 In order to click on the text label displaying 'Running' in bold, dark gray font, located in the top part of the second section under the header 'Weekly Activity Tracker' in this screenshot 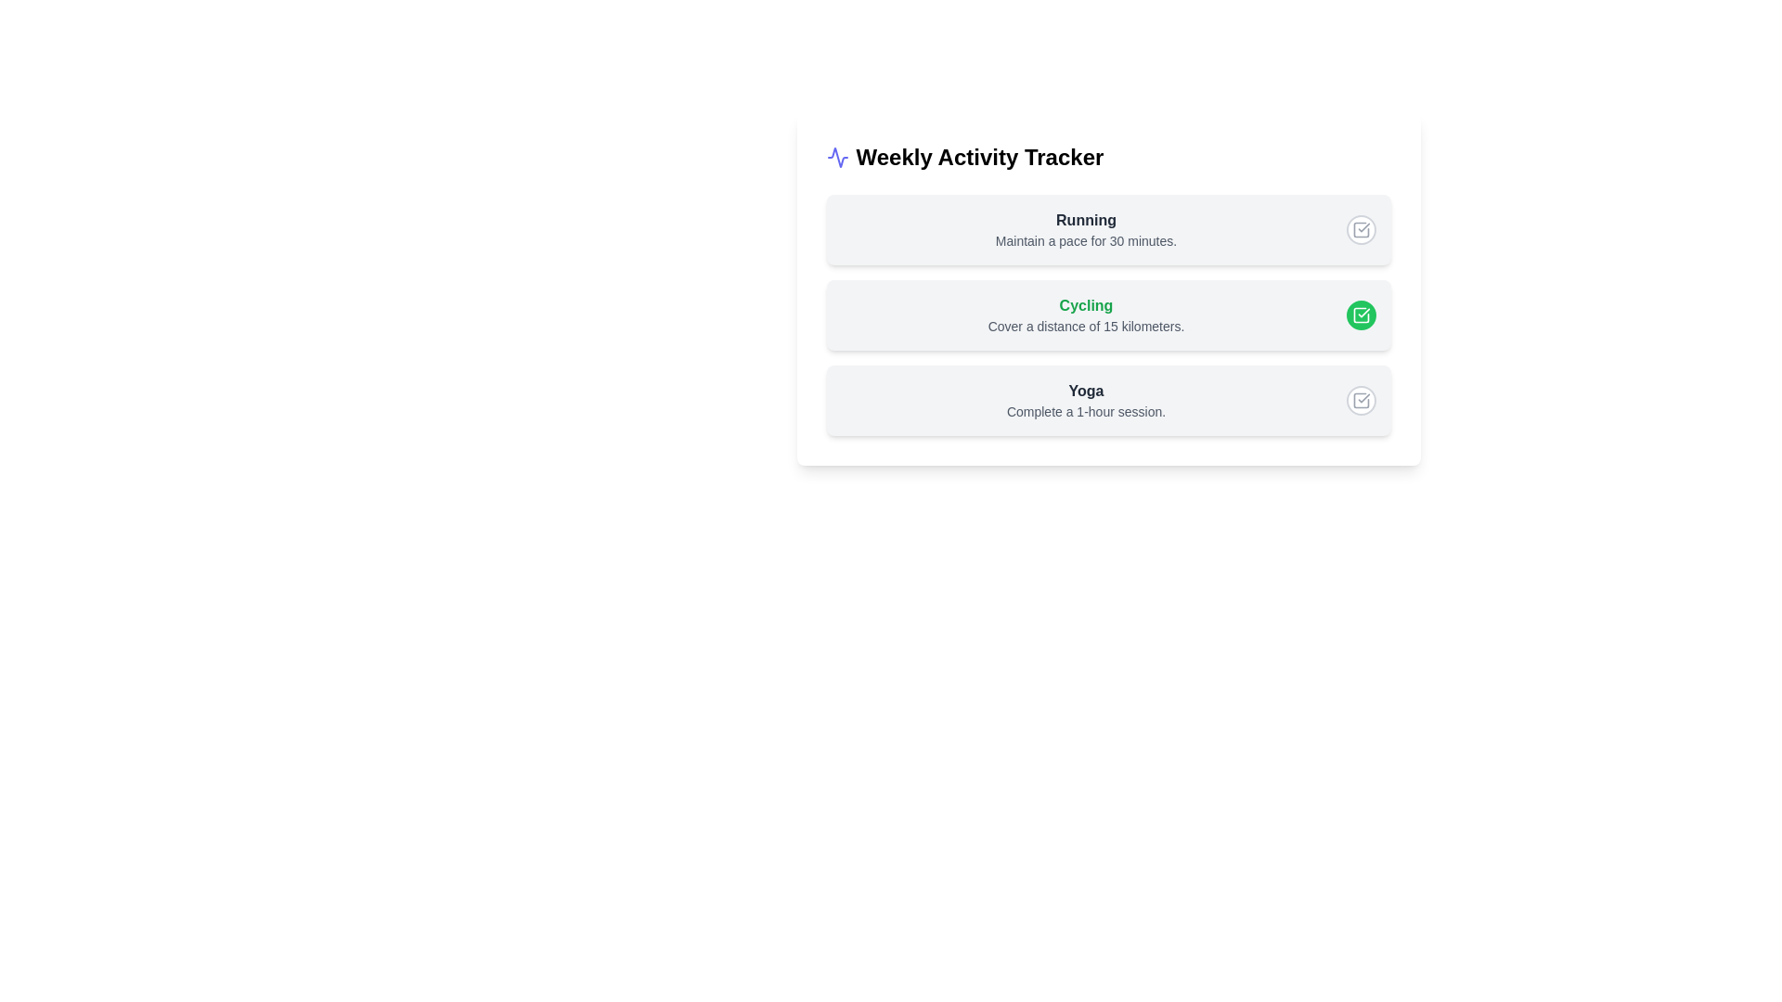, I will do `click(1086, 220)`.